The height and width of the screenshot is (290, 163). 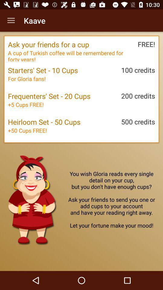 I want to click on the icon to the left of the kaave item, so click(x=11, y=21).